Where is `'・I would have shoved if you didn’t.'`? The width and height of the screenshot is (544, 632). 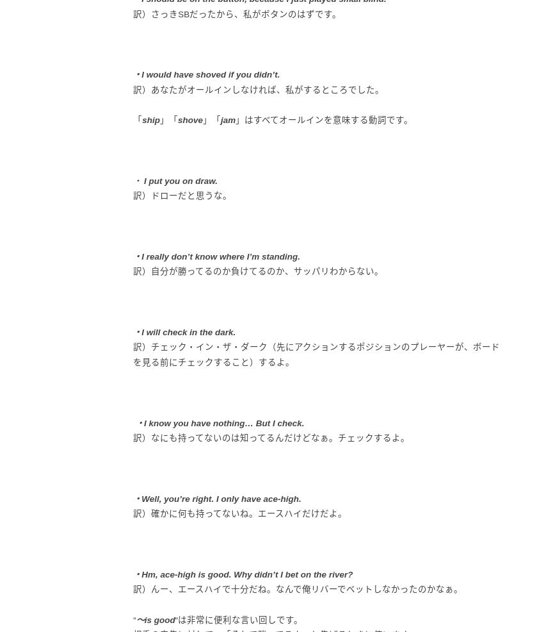 '・I would have shoved if you didn’t.' is located at coordinates (206, 74).